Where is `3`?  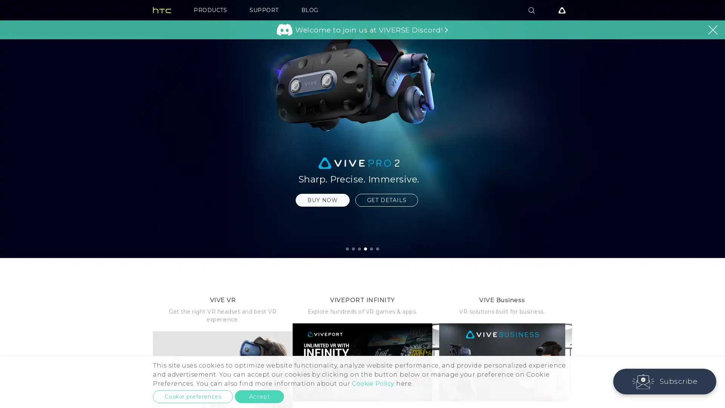
3 is located at coordinates (359, 249).